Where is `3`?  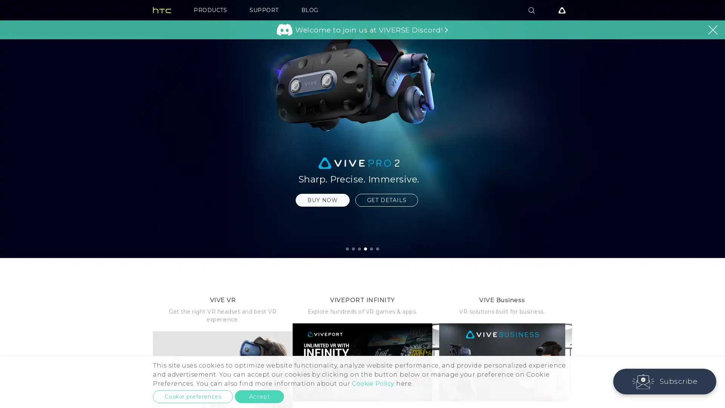
3 is located at coordinates (359, 249).